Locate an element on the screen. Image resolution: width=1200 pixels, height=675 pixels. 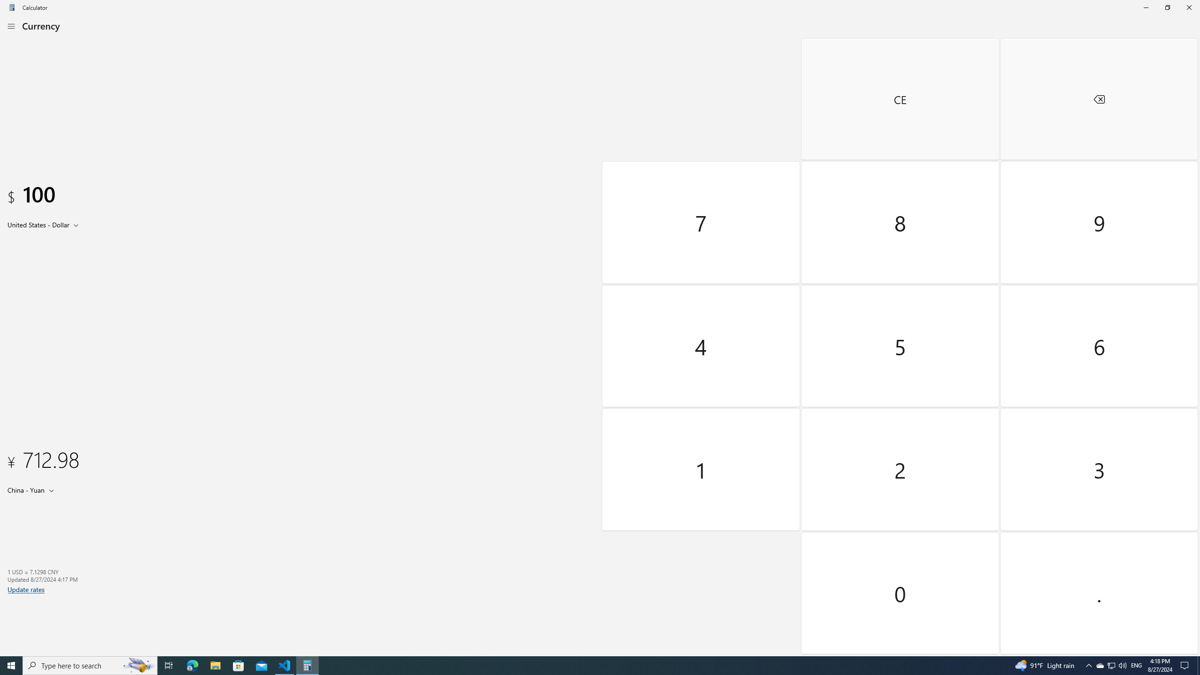
'Restore Calculator' is located at coordinates (1167, 7).